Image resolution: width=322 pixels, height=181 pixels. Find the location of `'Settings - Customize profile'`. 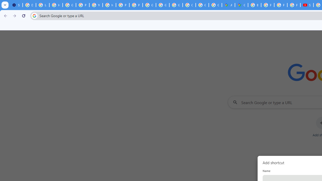

'Settings - Customize profile' is located at coordinates (16, 5).